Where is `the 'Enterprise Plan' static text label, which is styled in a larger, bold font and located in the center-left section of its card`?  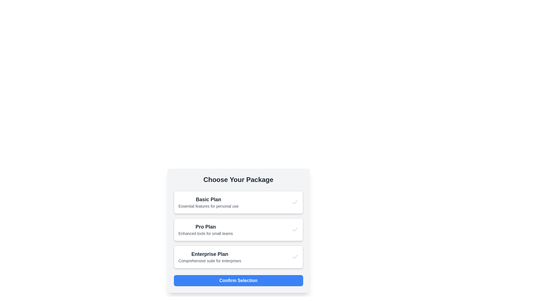 the 'Enterprise Plan' static text label, which is styled in a larger, bold font and located in the center-left section of its card is located at coordinates (210, 254).